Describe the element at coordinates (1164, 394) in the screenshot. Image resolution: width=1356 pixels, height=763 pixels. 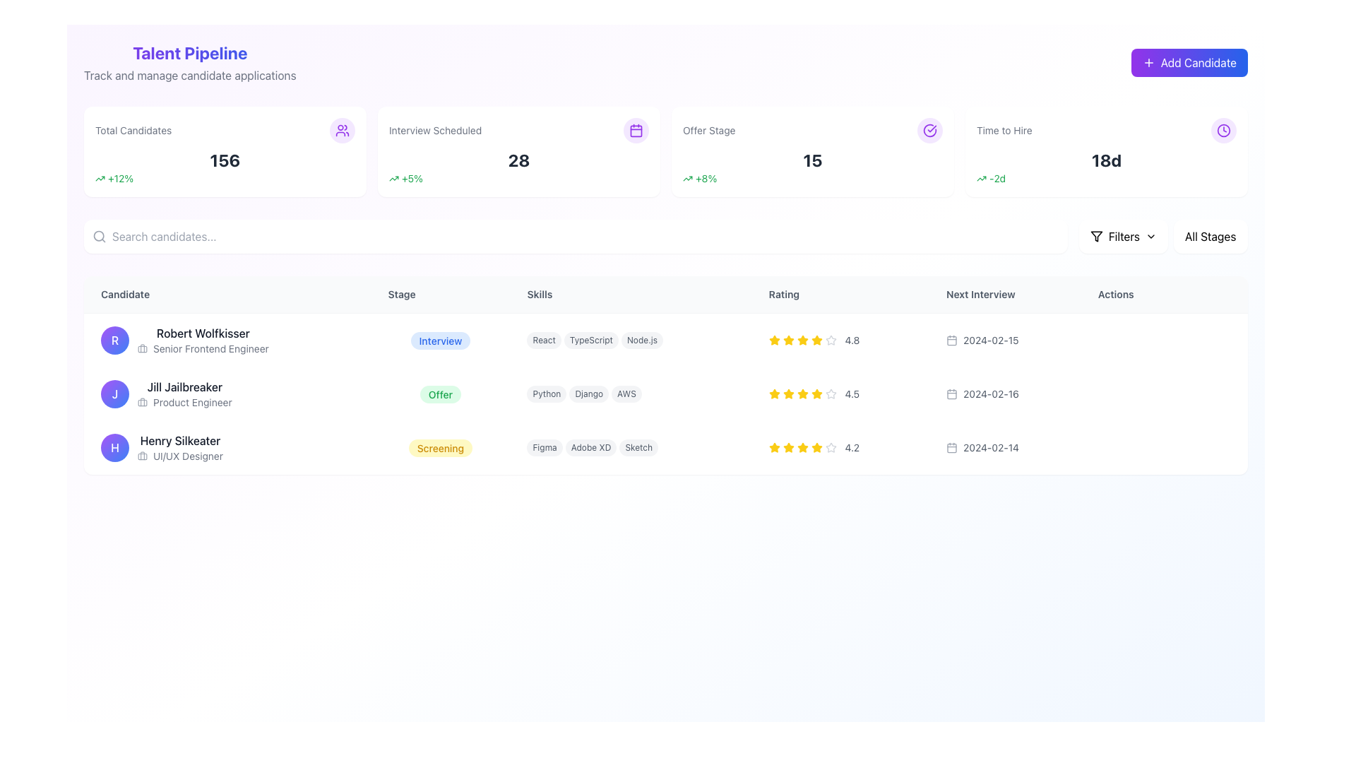
I see `the blank, non-interactive cell located within the 'Actions' column of the row for 'Jill Jailbreaker'` at that location.